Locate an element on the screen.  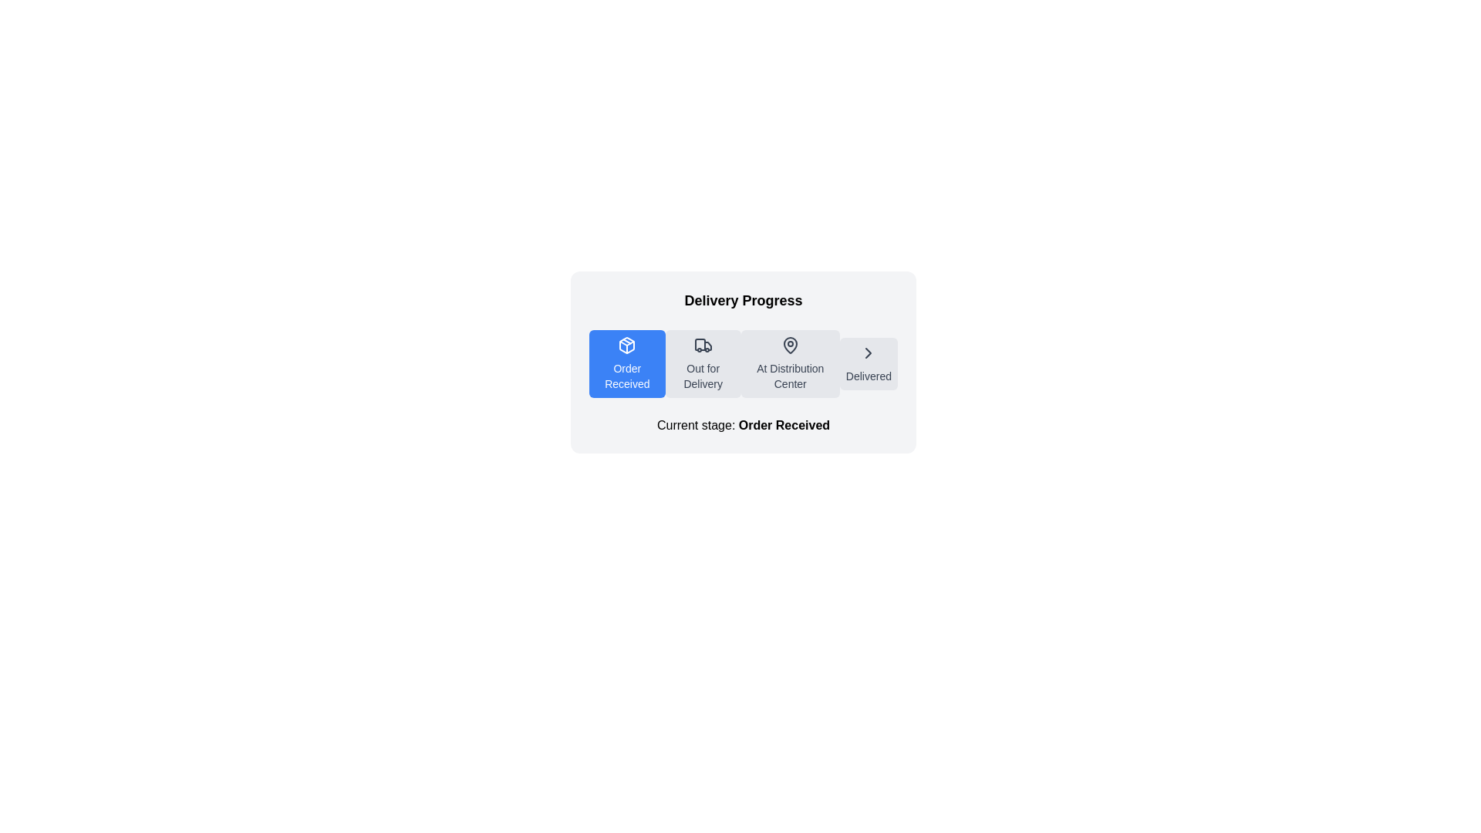
map pin icon located at the 'At Distribution Center' stage in the delivery progress tracker, which is the third button in the progression bar is located at coordinates (790, 363).